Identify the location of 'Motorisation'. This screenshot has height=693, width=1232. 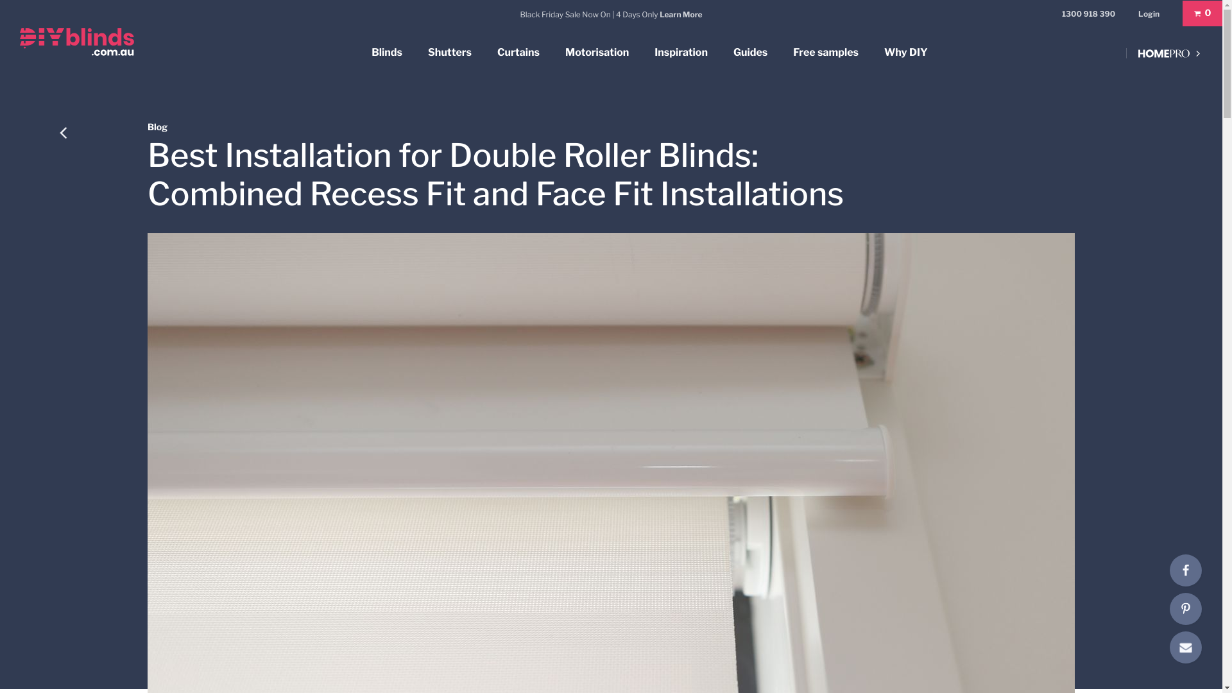
(596, 52).